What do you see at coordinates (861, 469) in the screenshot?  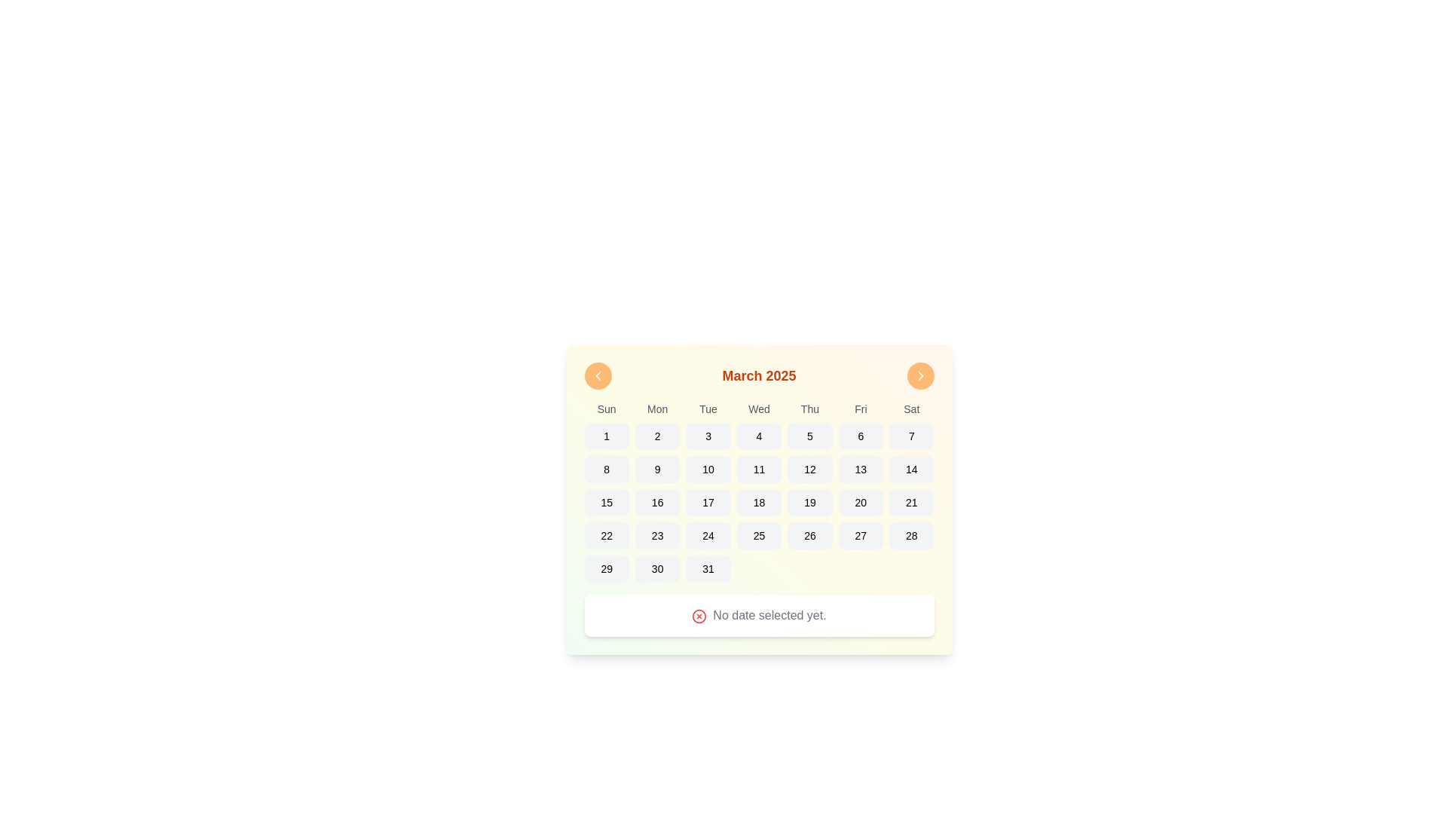 I see `the button displaying the number '13' in bold black font, located in the sixth column of the third row of the calendar grid for March 2025` at bounding box center [861, 469].